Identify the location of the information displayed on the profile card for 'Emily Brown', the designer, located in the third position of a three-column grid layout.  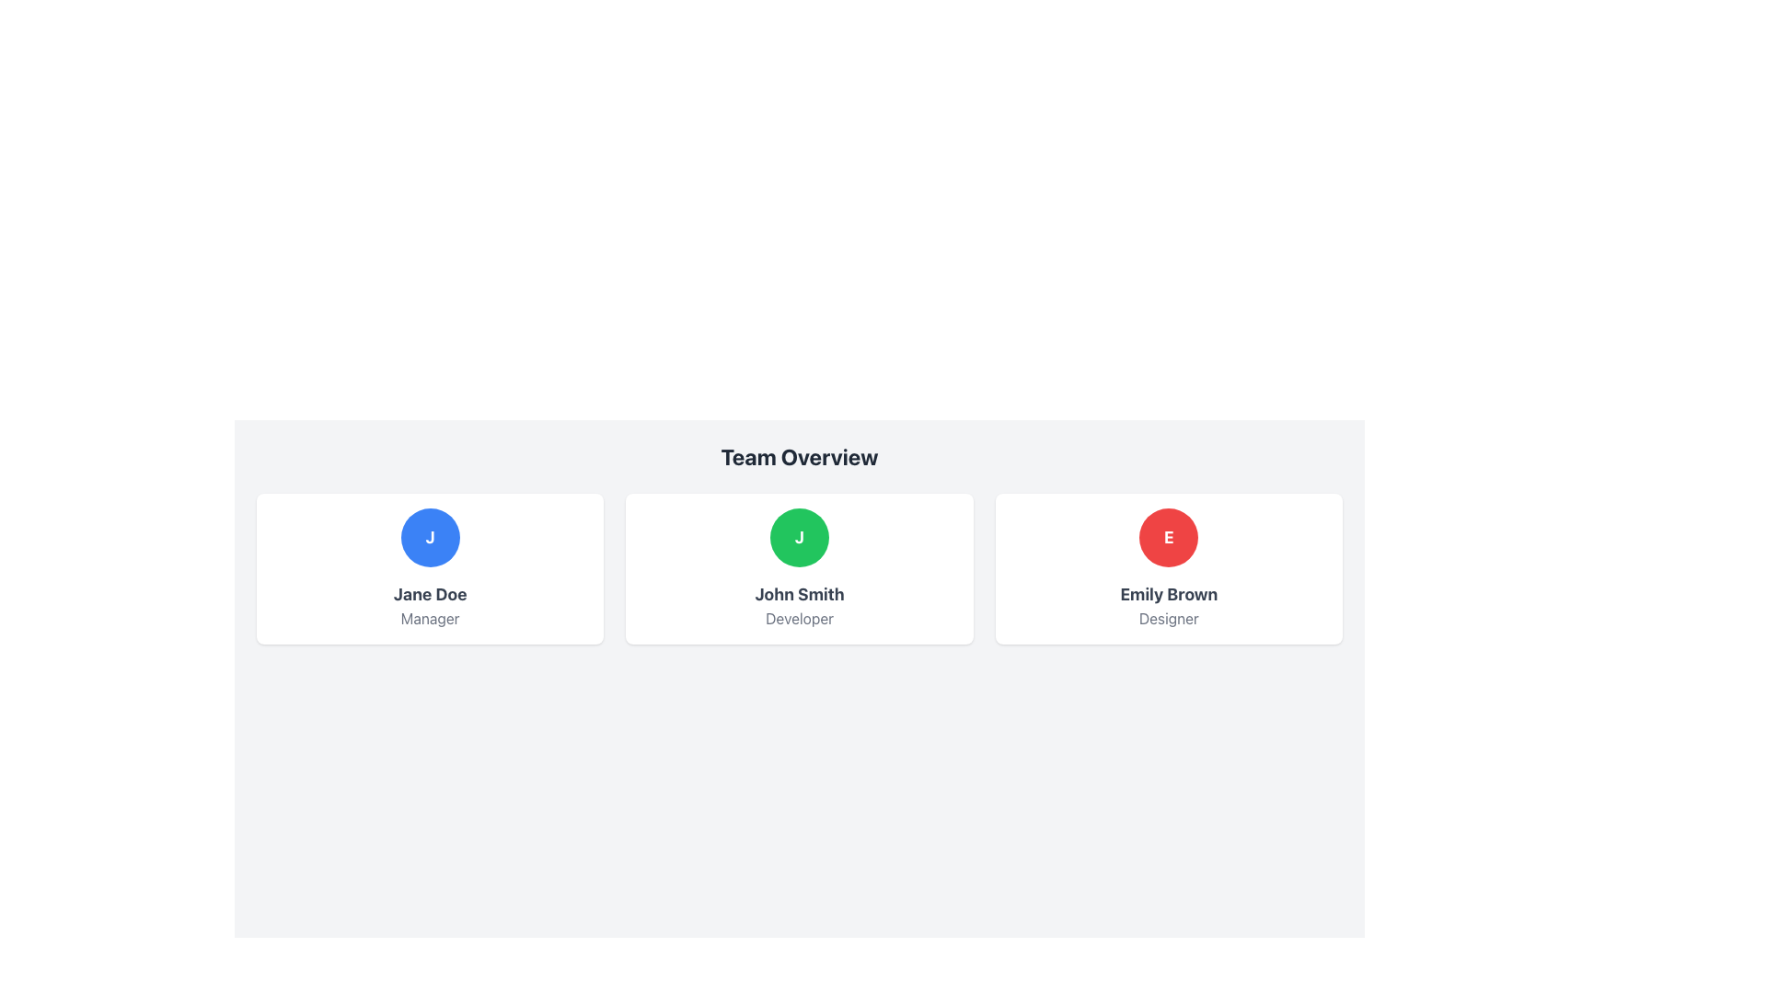
(1168, 567).